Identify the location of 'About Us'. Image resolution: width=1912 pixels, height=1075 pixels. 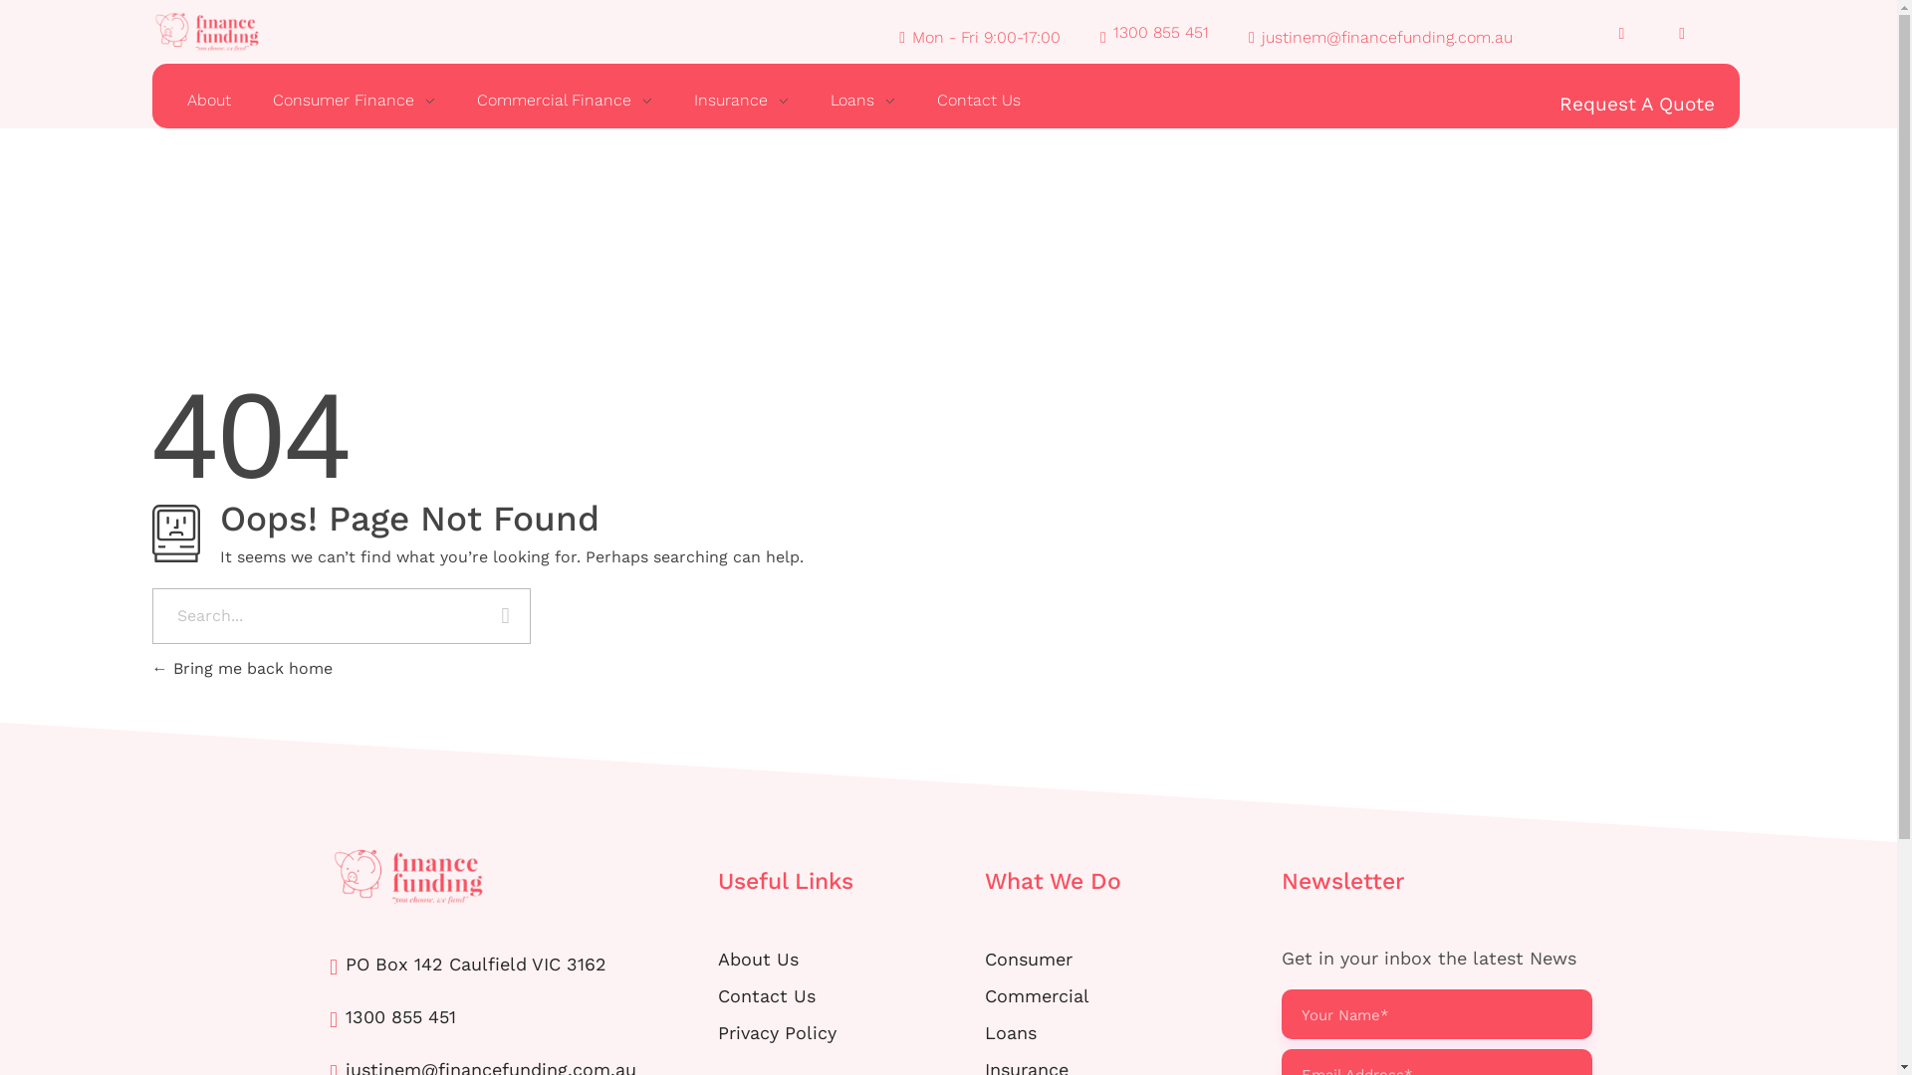
(757, 958).